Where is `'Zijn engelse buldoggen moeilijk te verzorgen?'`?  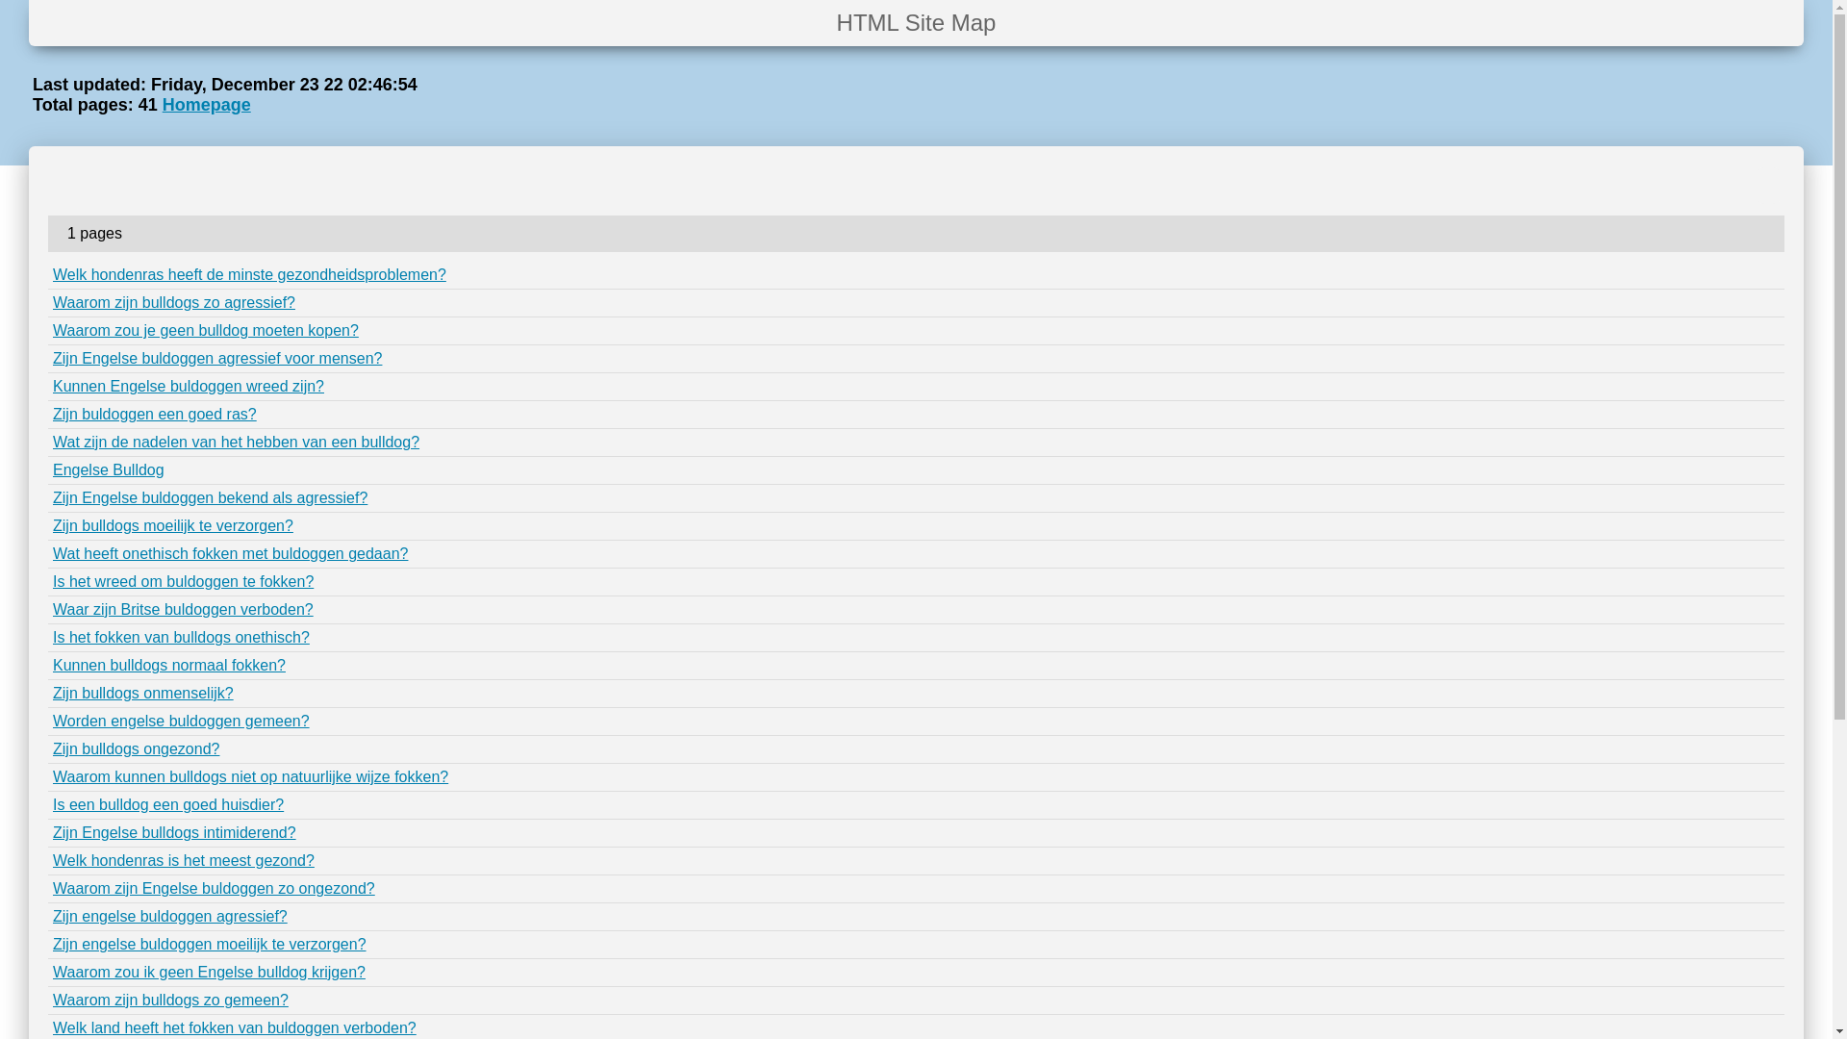 'Zijn engelse buldoggen moeilijk te verzorgen?' is located at coordinates (209, 943).